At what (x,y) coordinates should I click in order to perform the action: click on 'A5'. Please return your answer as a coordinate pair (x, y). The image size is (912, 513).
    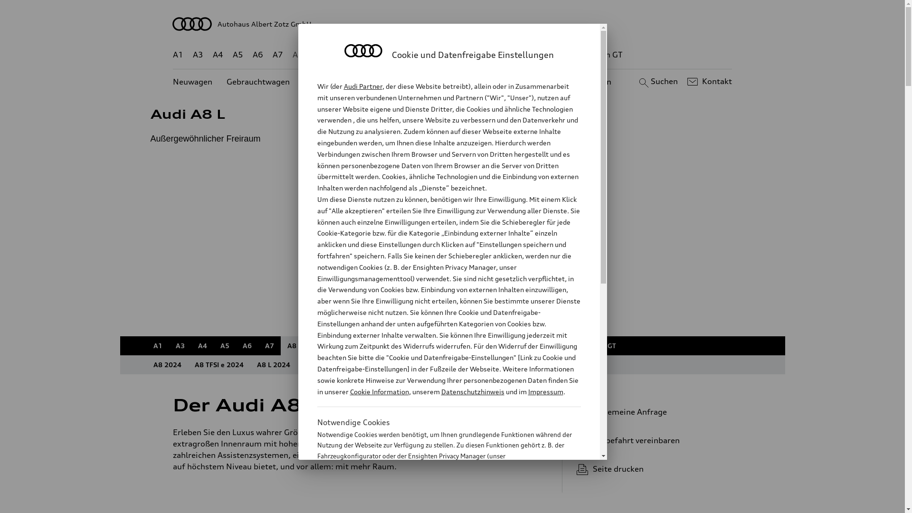
    Looking at the image, I should click on (213, 346).